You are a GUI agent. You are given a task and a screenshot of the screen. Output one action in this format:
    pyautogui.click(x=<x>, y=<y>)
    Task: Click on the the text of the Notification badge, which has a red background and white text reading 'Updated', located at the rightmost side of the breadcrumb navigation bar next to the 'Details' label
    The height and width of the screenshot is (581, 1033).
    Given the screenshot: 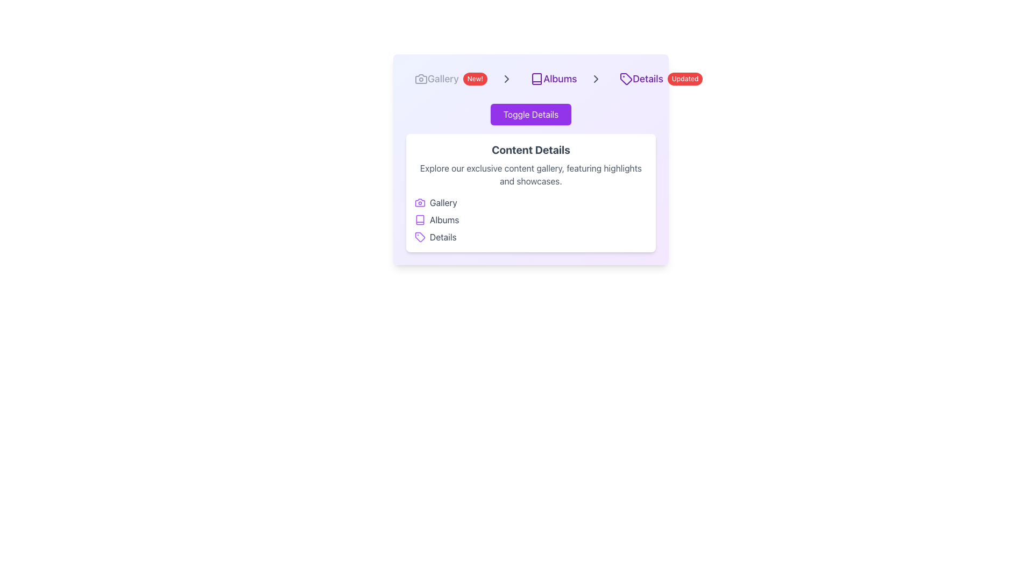 What is the action you would take?
    pyautogui.click(x=684, y=78)
    